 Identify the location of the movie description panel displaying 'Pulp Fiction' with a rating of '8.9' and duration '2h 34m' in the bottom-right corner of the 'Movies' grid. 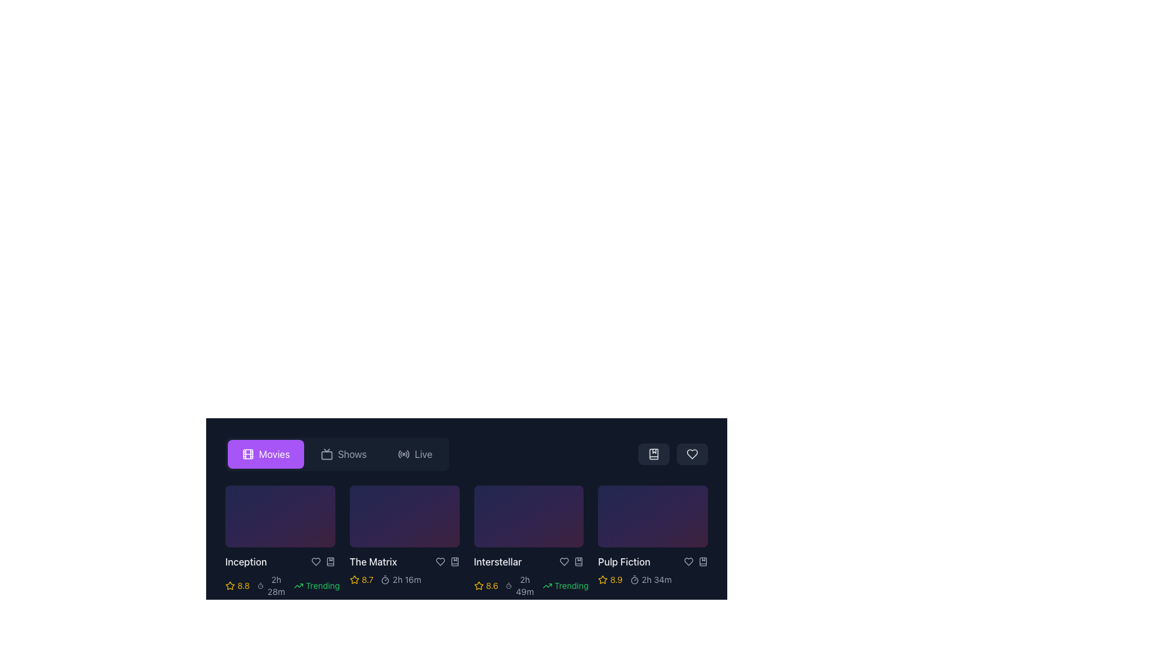
(652, 569).